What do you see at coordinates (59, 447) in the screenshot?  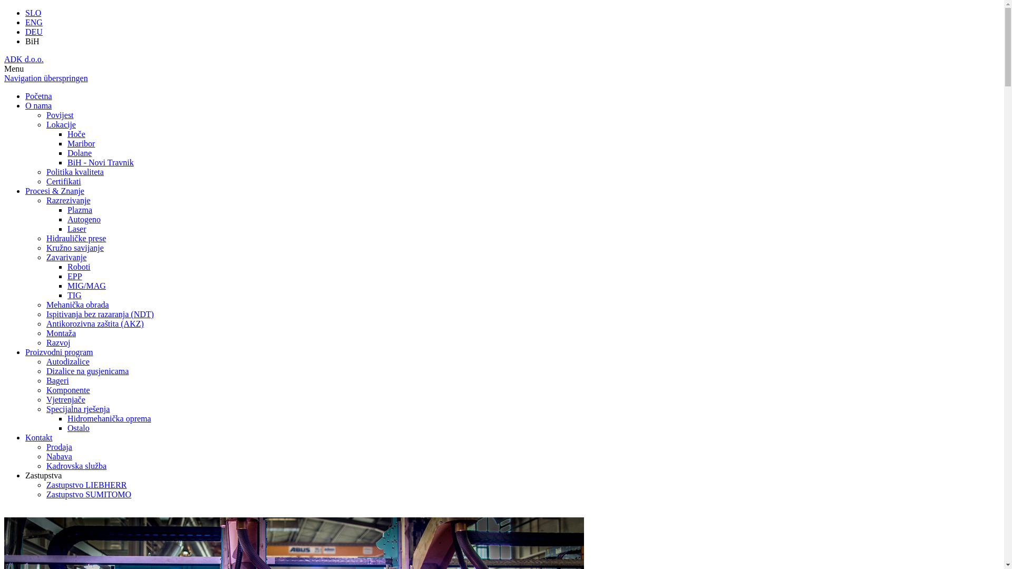 I see `'Prodaja'` at bounding box center [59, 447].